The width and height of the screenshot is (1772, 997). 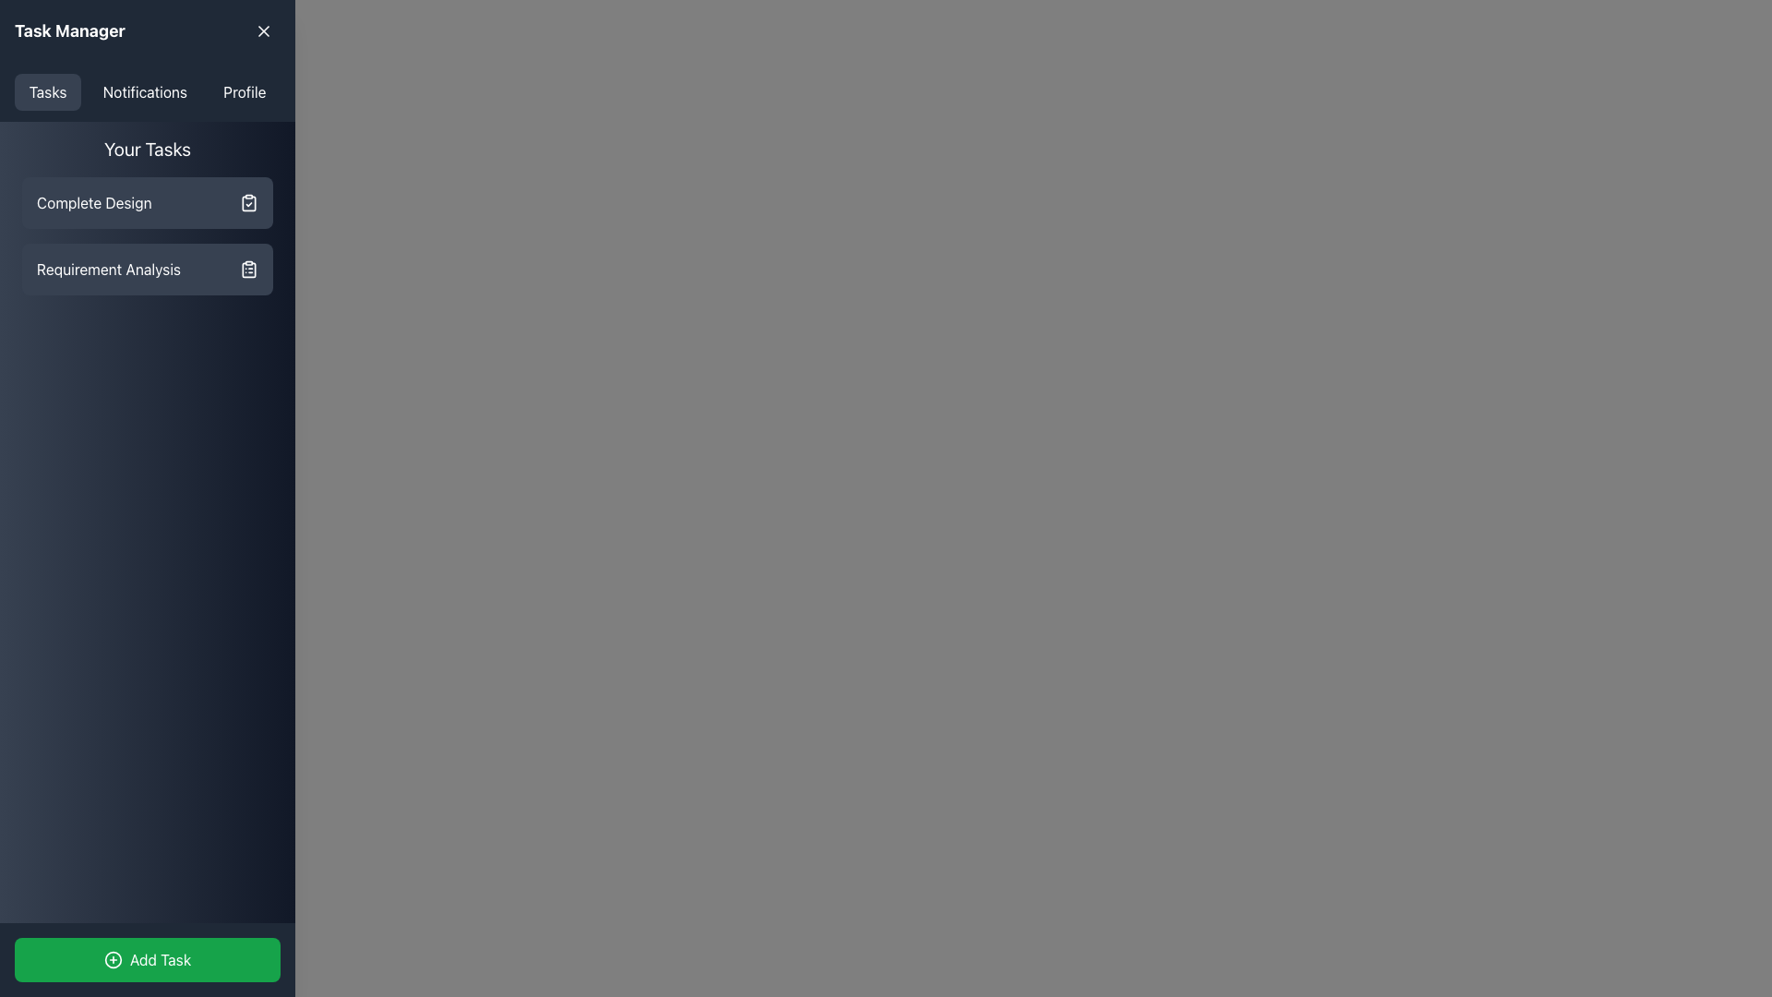 I want to click on the close icon button at the top right corner of the sidebar panel, adjacent to the 'Task Manager' title, to trigger the visual highlight effect, so click(x=263, y=31).